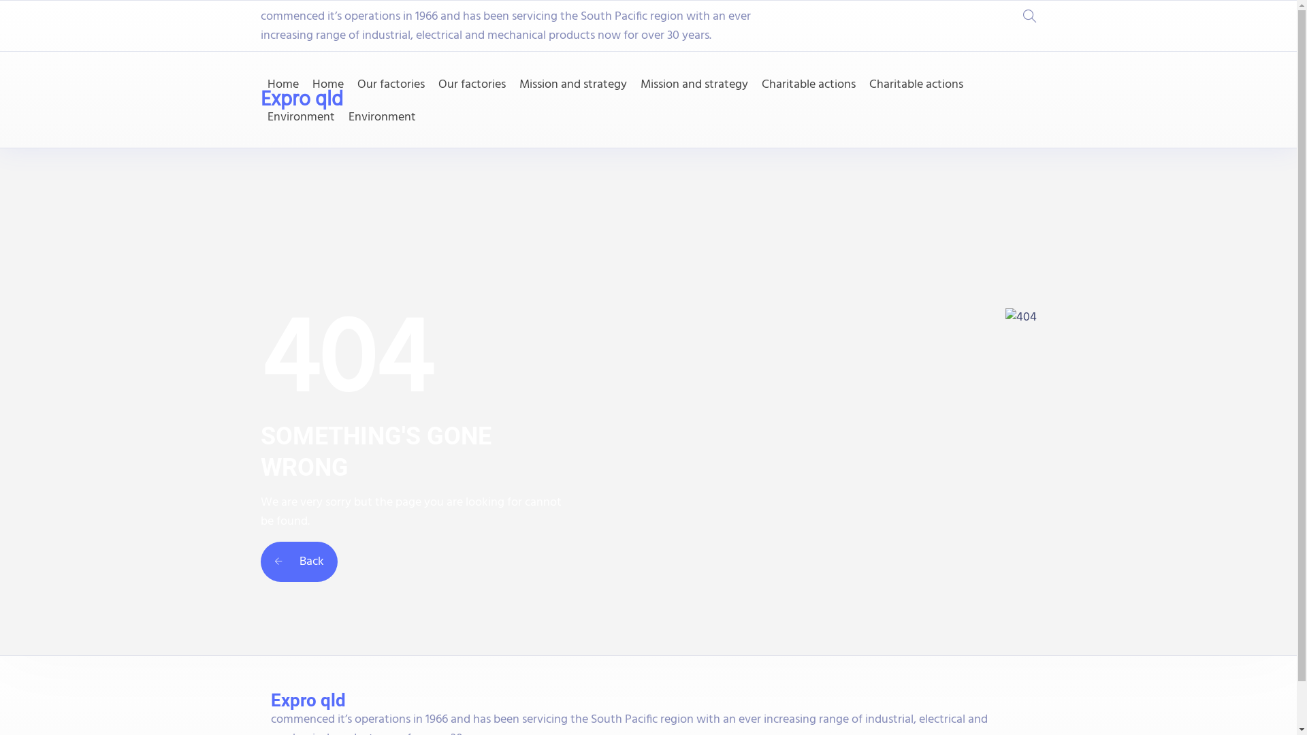 This screenshot has height=735, width=1307. I want to click on 'Charitable actions', so click(915, 84).